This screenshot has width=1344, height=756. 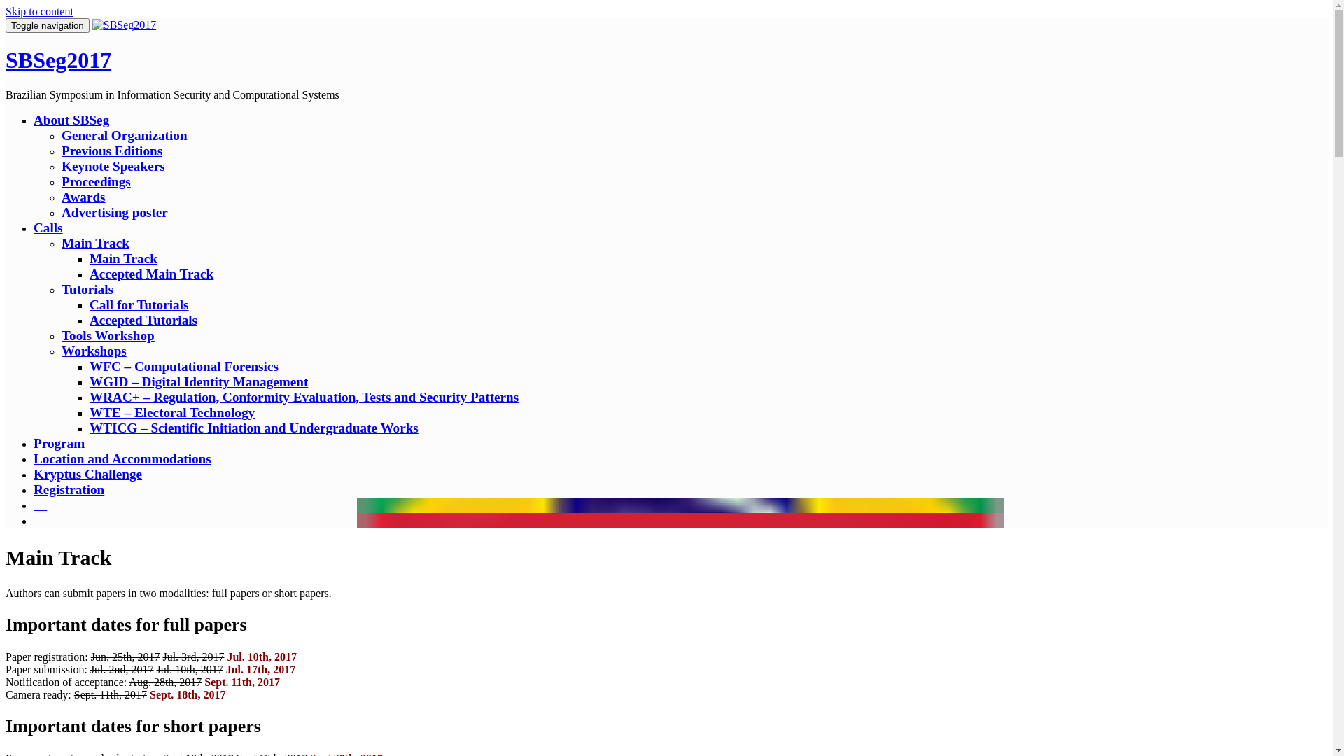 I want to click on 'Advertising poster', so click(x=114, y=212).